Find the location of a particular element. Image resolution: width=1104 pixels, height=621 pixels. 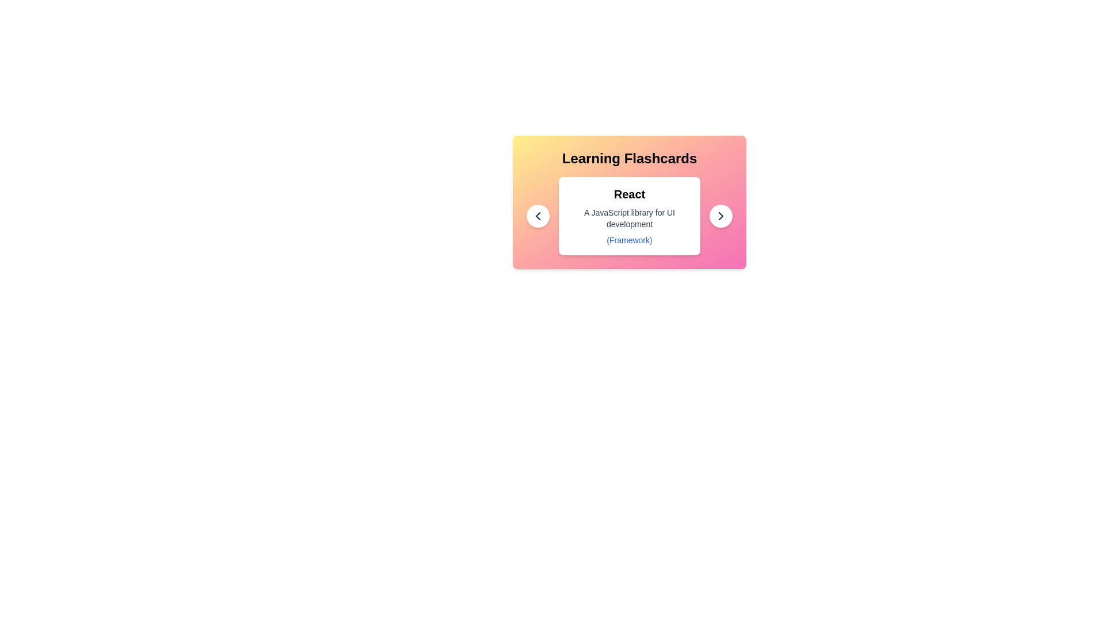

the flashcard to inspect its category is located at coordinates (628, 216).